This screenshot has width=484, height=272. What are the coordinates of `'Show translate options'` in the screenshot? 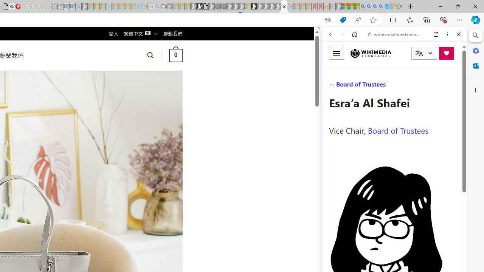 It's located at (328, 20).